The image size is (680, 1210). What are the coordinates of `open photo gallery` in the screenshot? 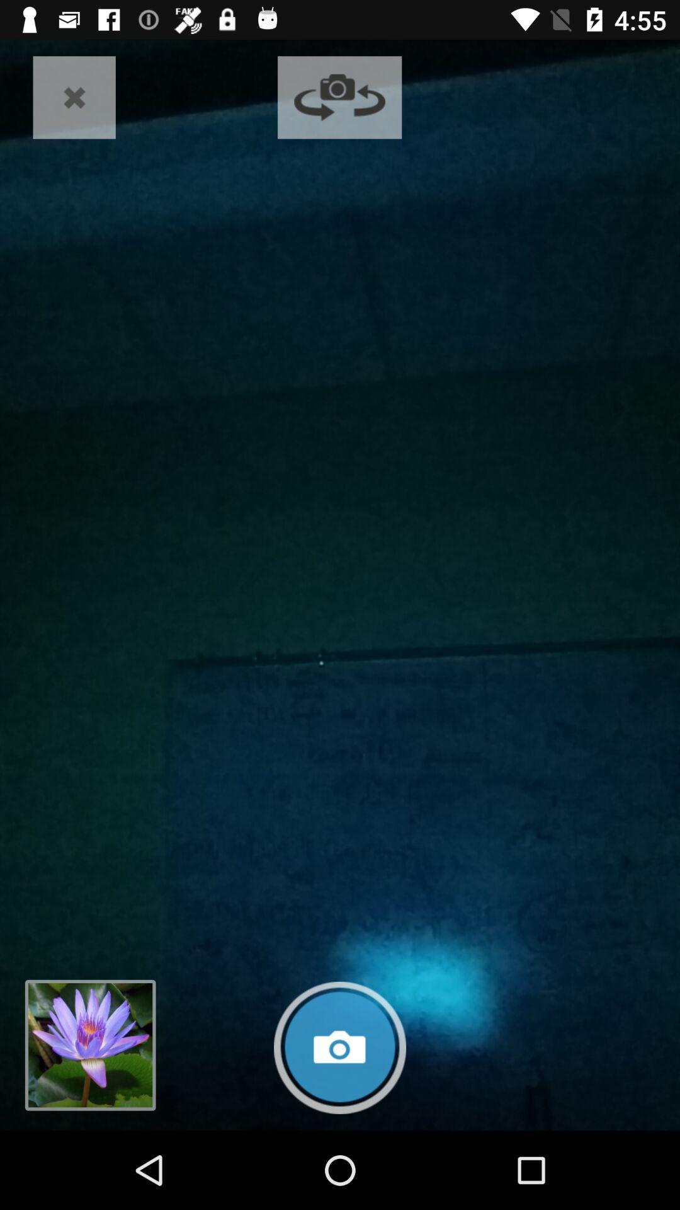 It's located at (89, 1045).